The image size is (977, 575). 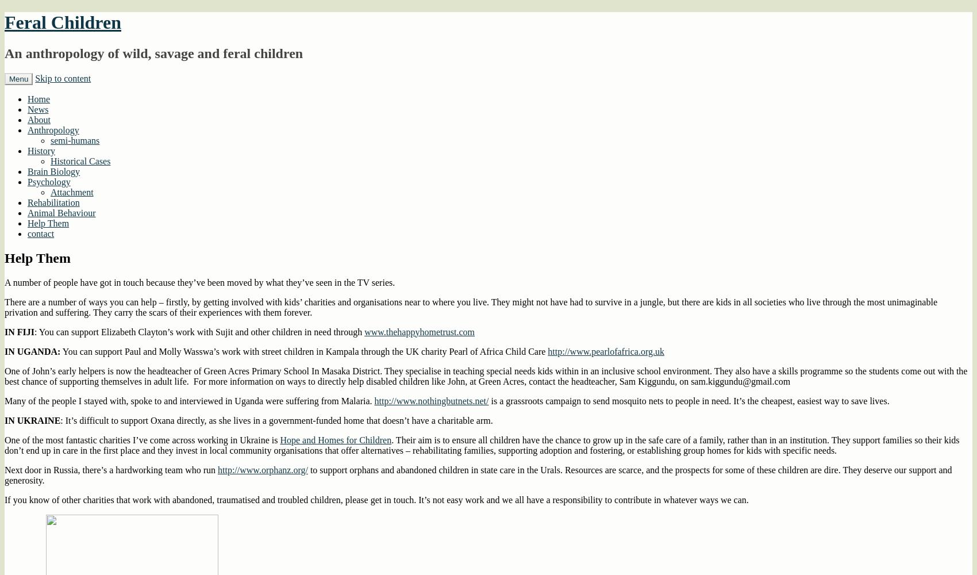 I want to click on 'Hope and Homes for Children', so click(x=334, y=439).